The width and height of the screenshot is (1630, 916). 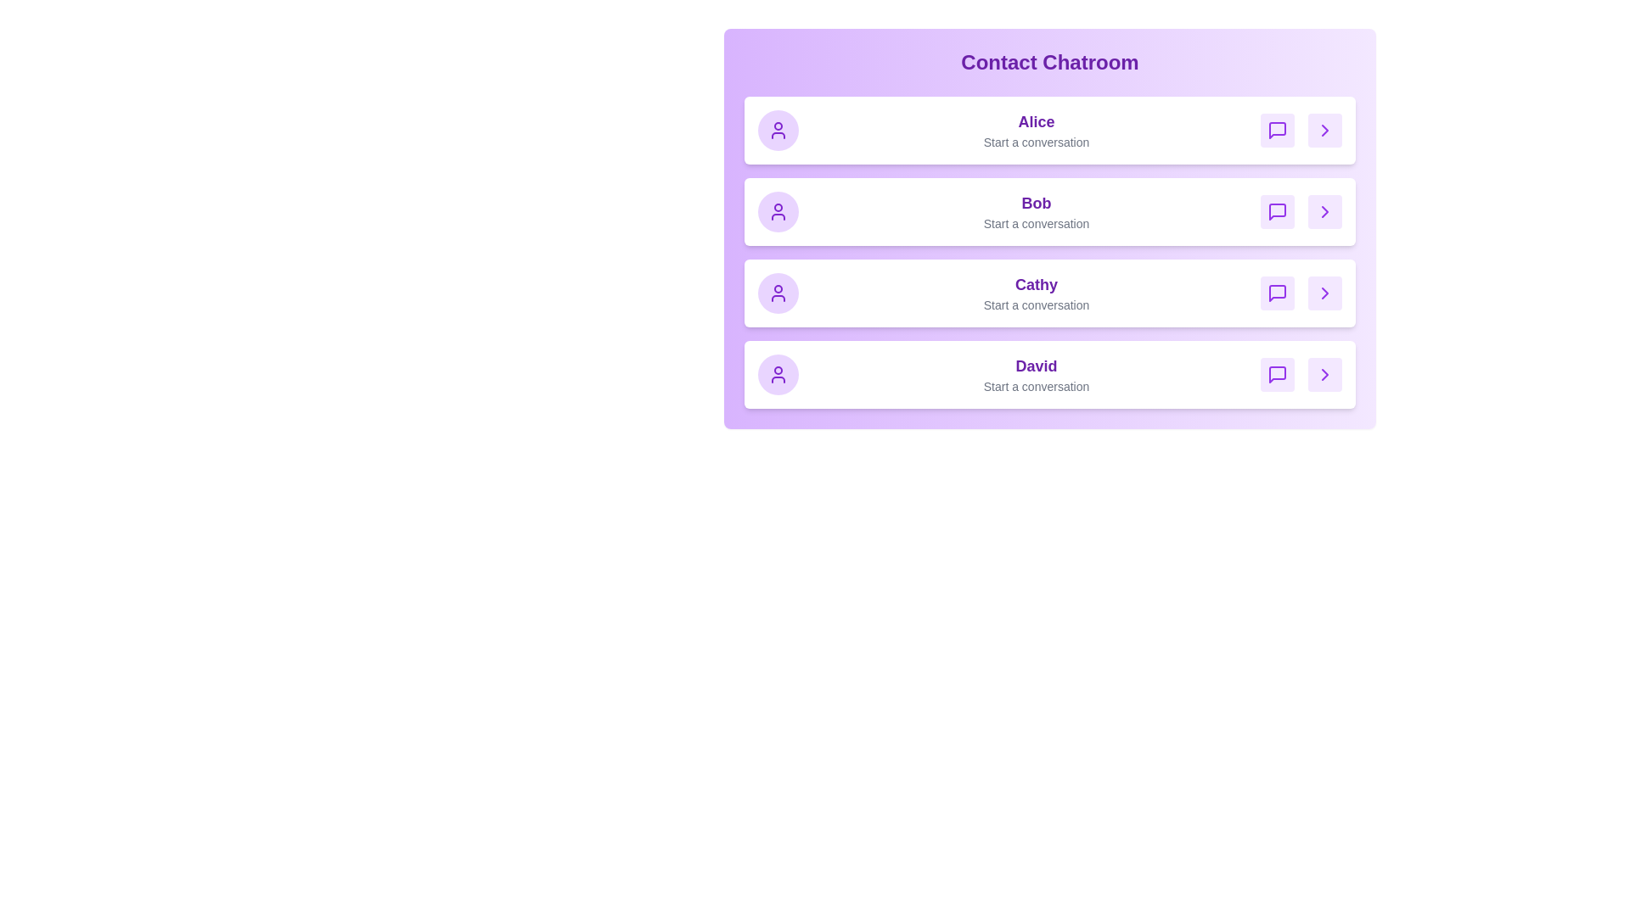 I want to click on message icon for David to start a conversation, so click(x=1278, y=374).